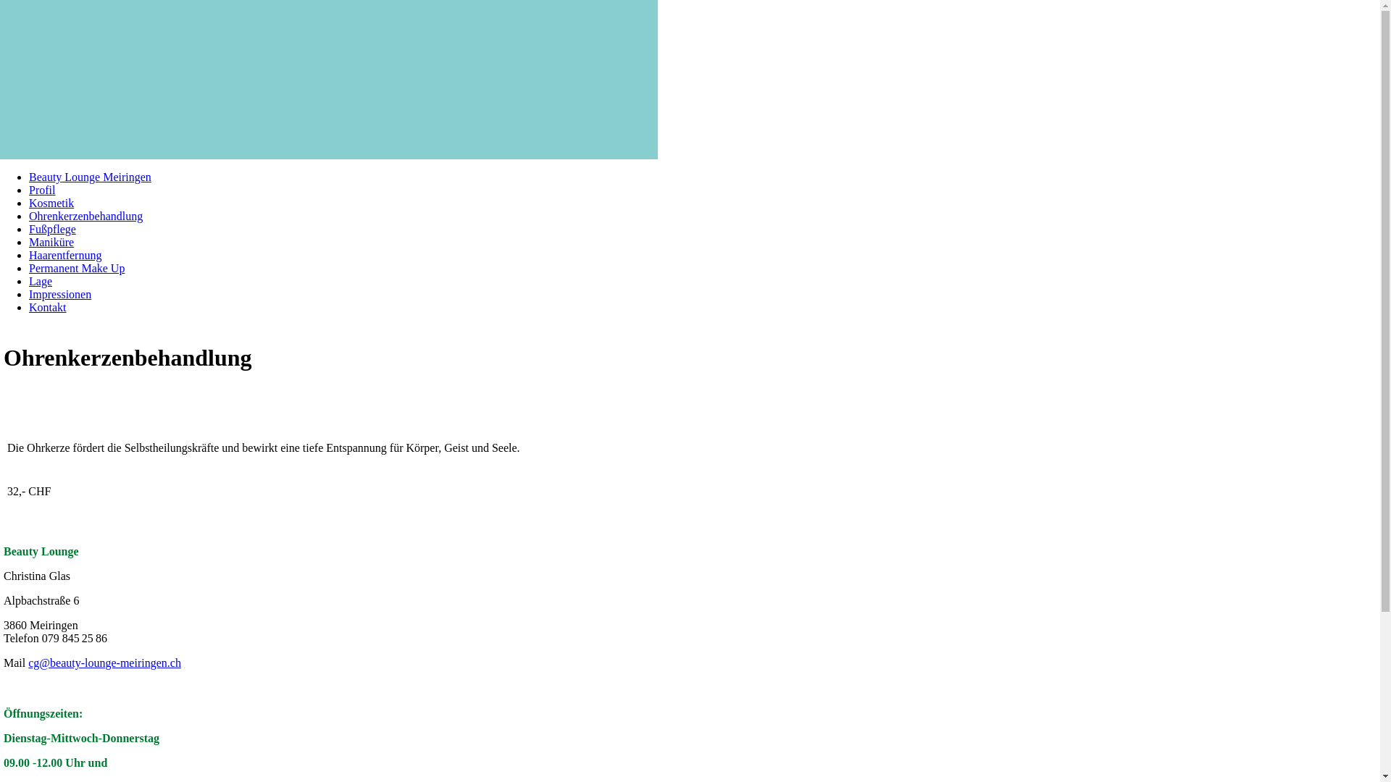 Image resolution: width=1391 pixels, height=782 pixels. Describe the element at coordinates (59, 293) in the screenshot. I see `'Impressionen'` at that location.